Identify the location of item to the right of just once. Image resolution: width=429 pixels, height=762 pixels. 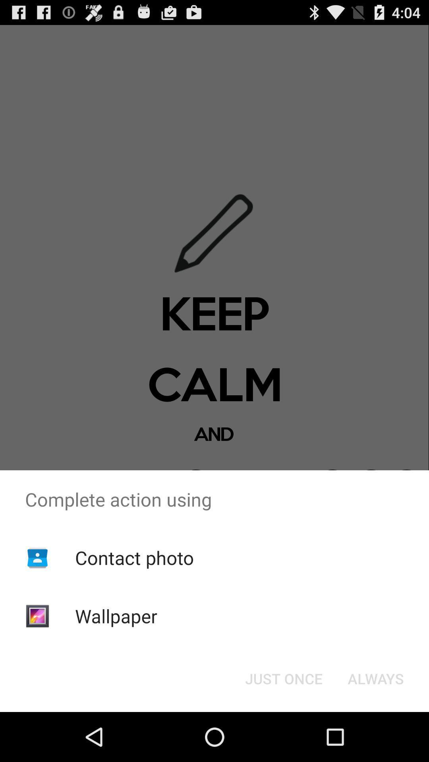
(375, 678).